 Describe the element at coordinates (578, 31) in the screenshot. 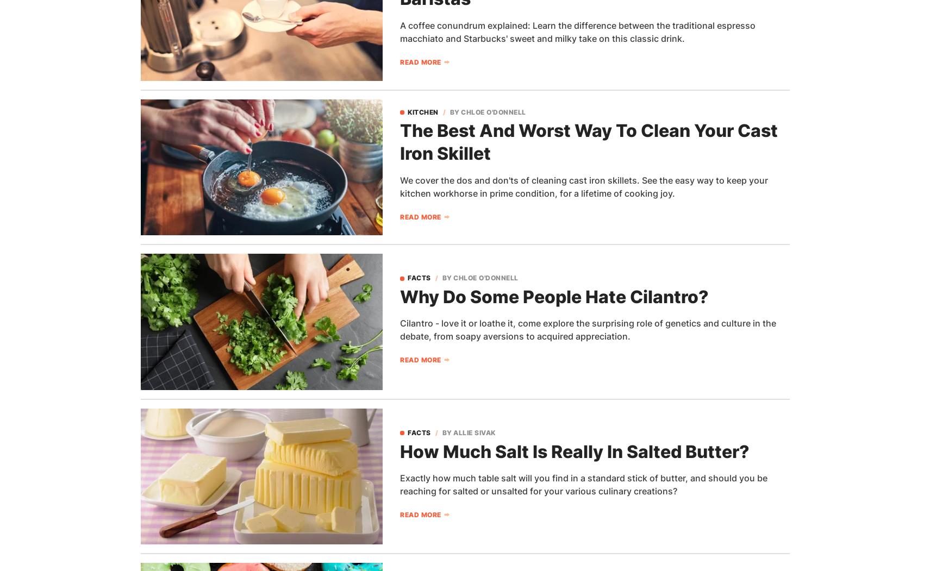

I see `'A coffee conundrum explained: Learn the difference between the traditional espresso macchiato and Starbucks' sweet and milky take on this classic drink.'` at that location.